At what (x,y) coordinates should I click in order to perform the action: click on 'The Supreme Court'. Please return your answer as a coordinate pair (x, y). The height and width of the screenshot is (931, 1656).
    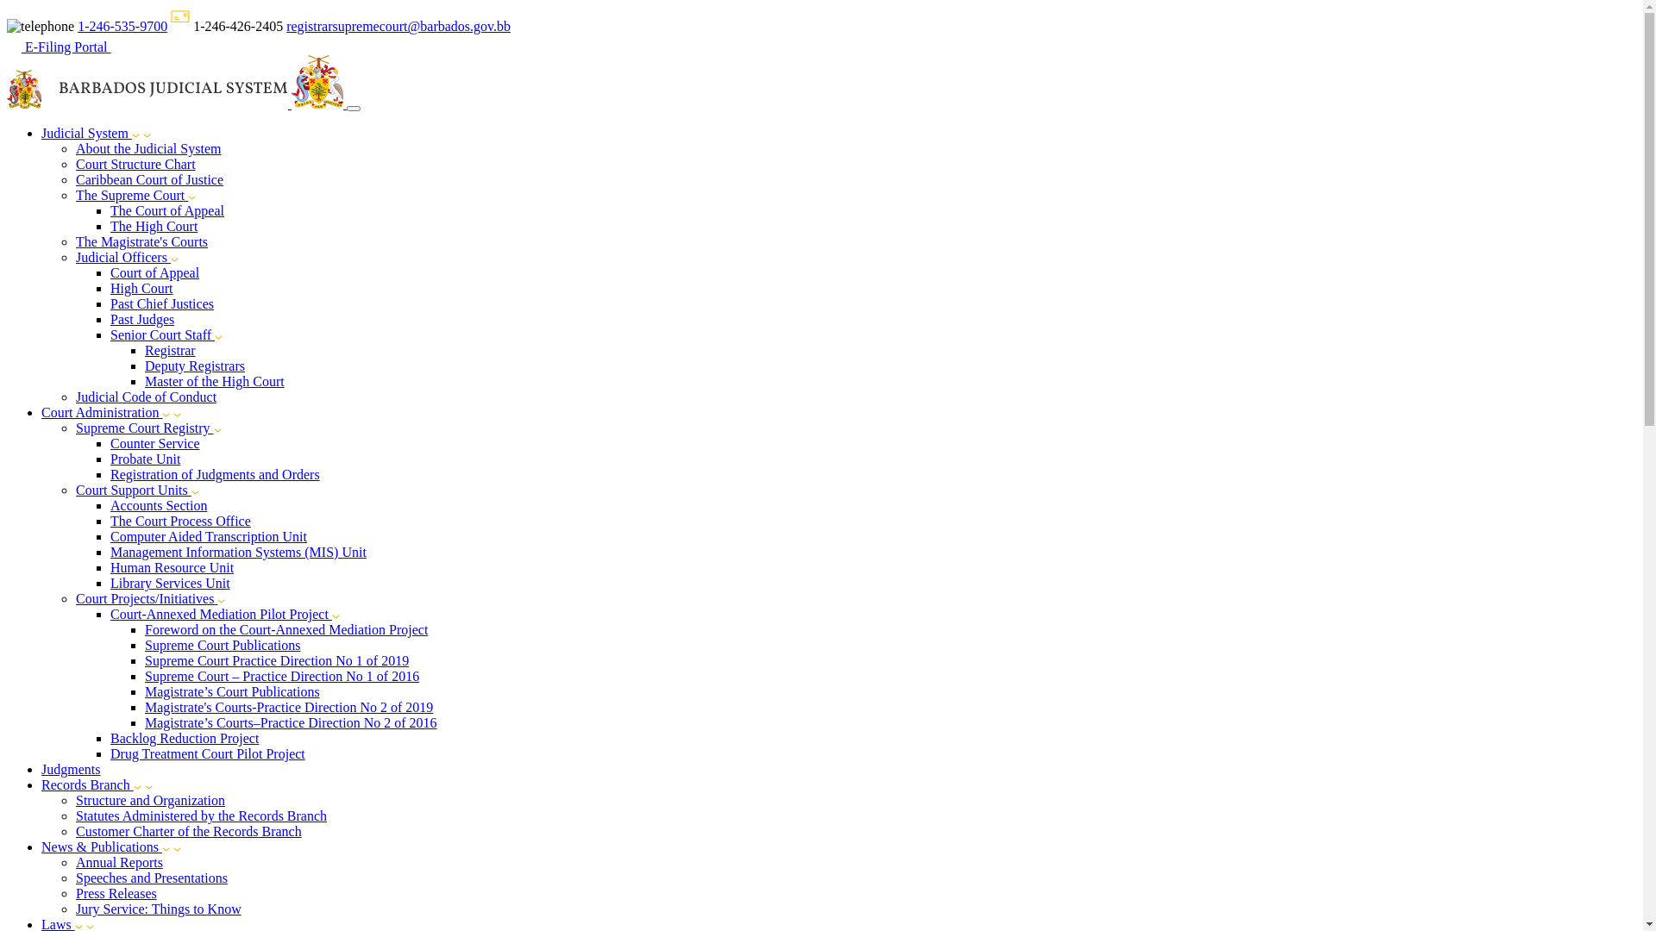
    Looking at the image, I should click on (131, 194).